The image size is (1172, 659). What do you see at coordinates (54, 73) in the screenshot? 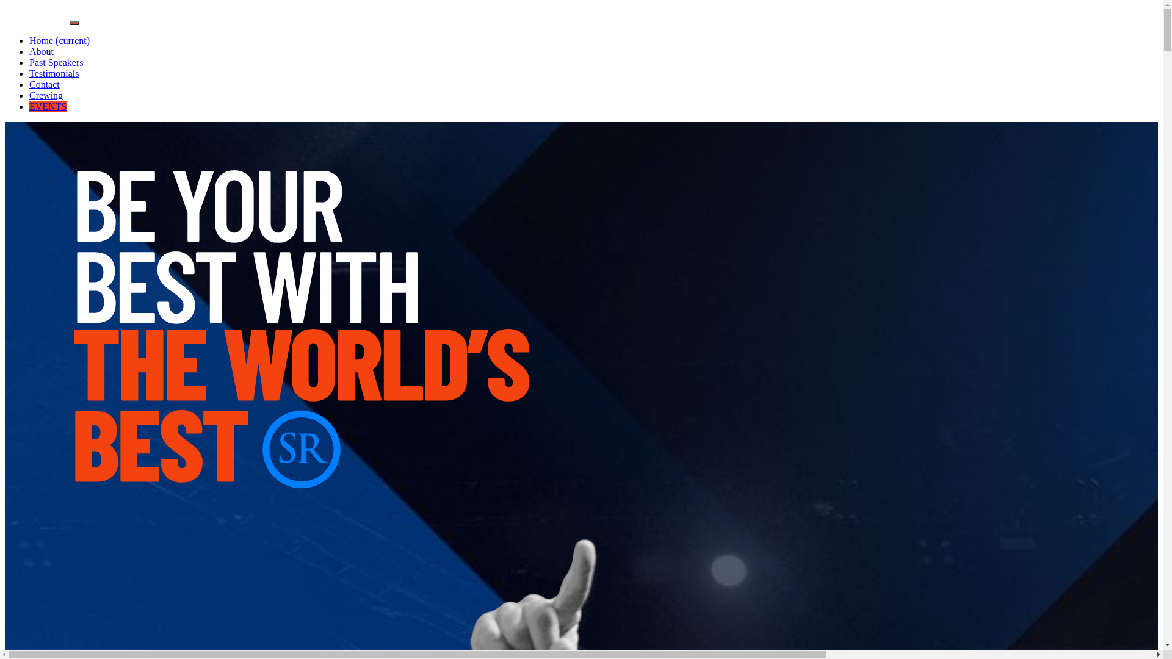
I see `'Testimonials'` at bounding box center [54, 73].